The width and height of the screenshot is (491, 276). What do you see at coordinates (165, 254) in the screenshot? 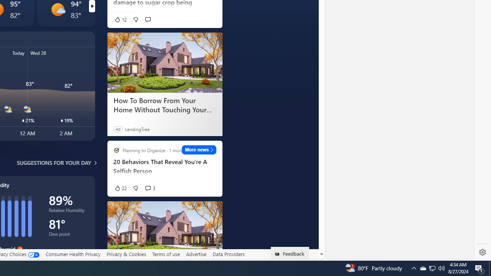
I see `'Terms of use'` at bounding box center [165, 254].